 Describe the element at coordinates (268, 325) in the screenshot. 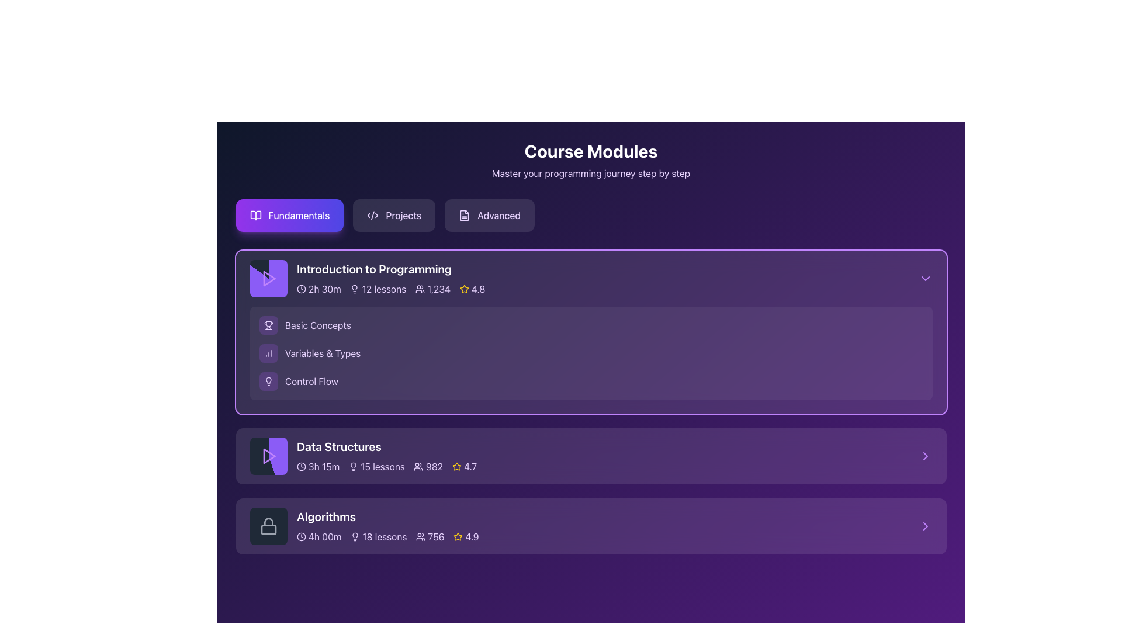

I see `the small trophy icon` at that location.